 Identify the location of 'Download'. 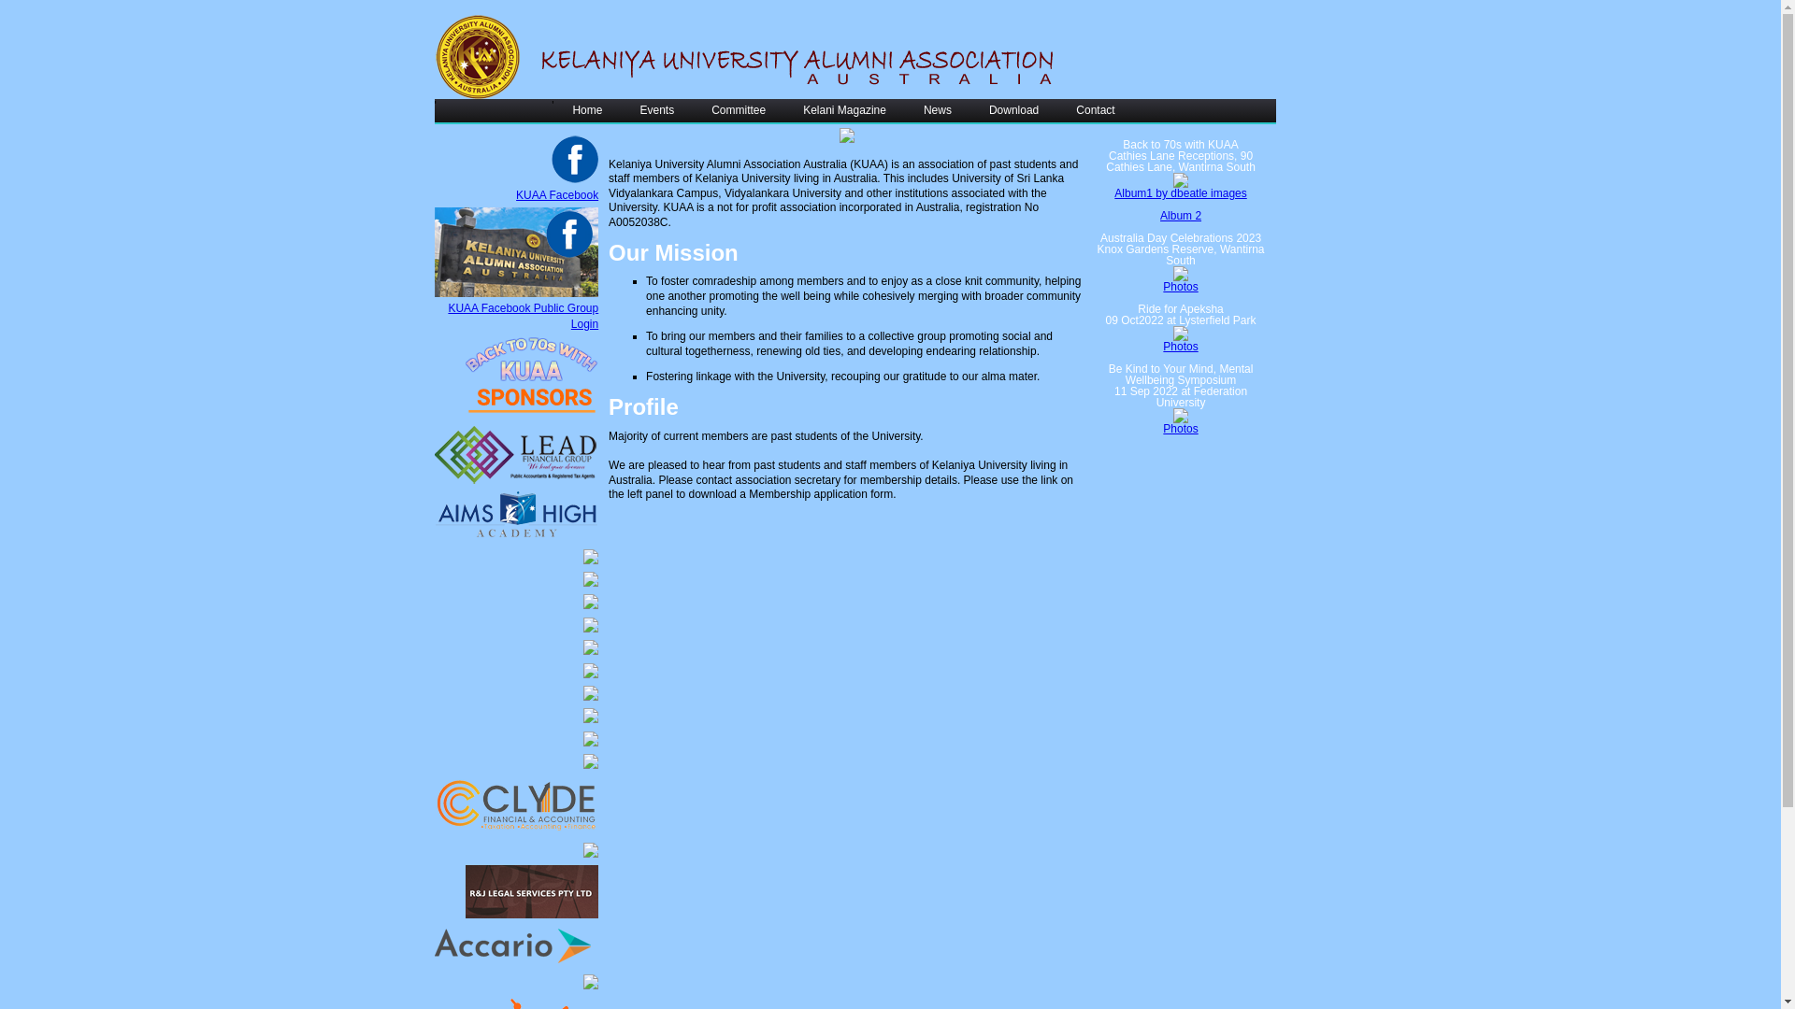
(1012, 110).